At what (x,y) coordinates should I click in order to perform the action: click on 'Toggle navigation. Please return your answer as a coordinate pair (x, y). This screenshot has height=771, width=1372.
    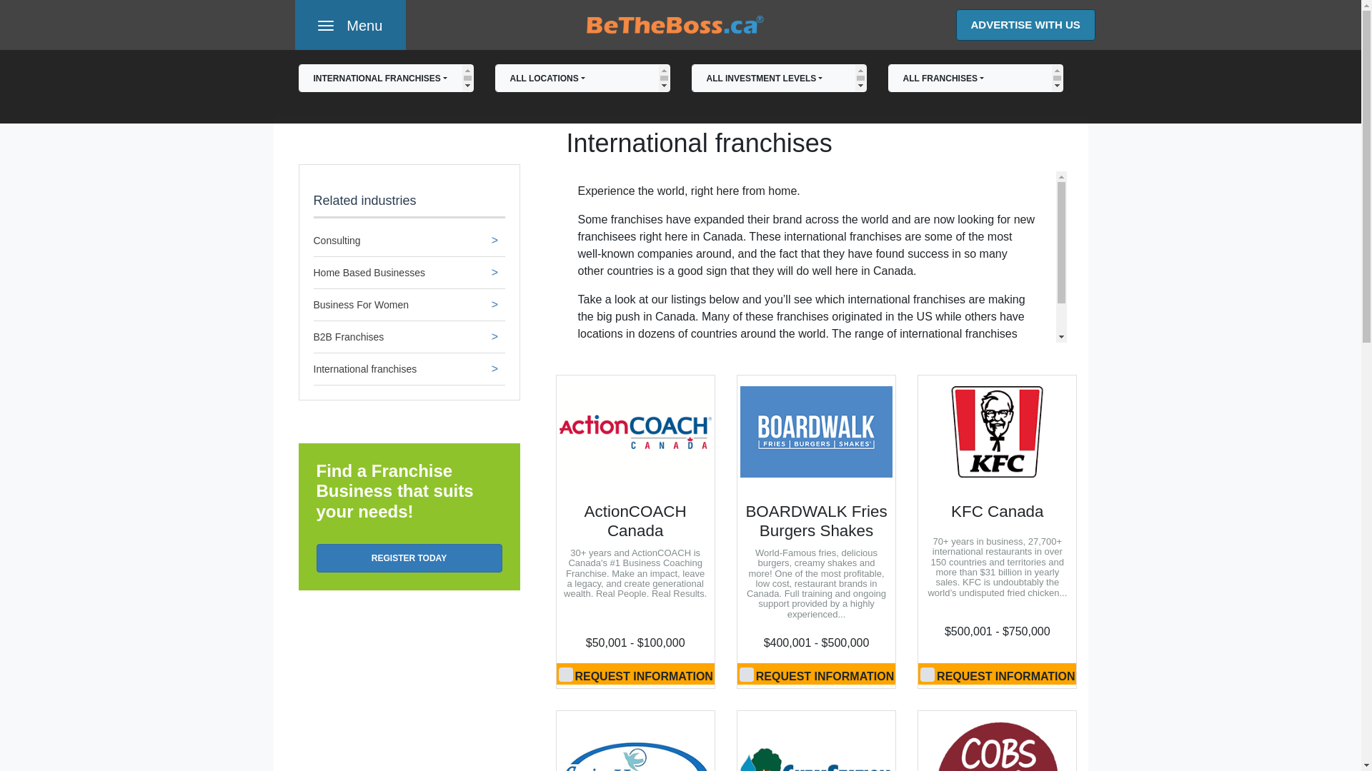
    Looking at the image, I should click on (294, 24).